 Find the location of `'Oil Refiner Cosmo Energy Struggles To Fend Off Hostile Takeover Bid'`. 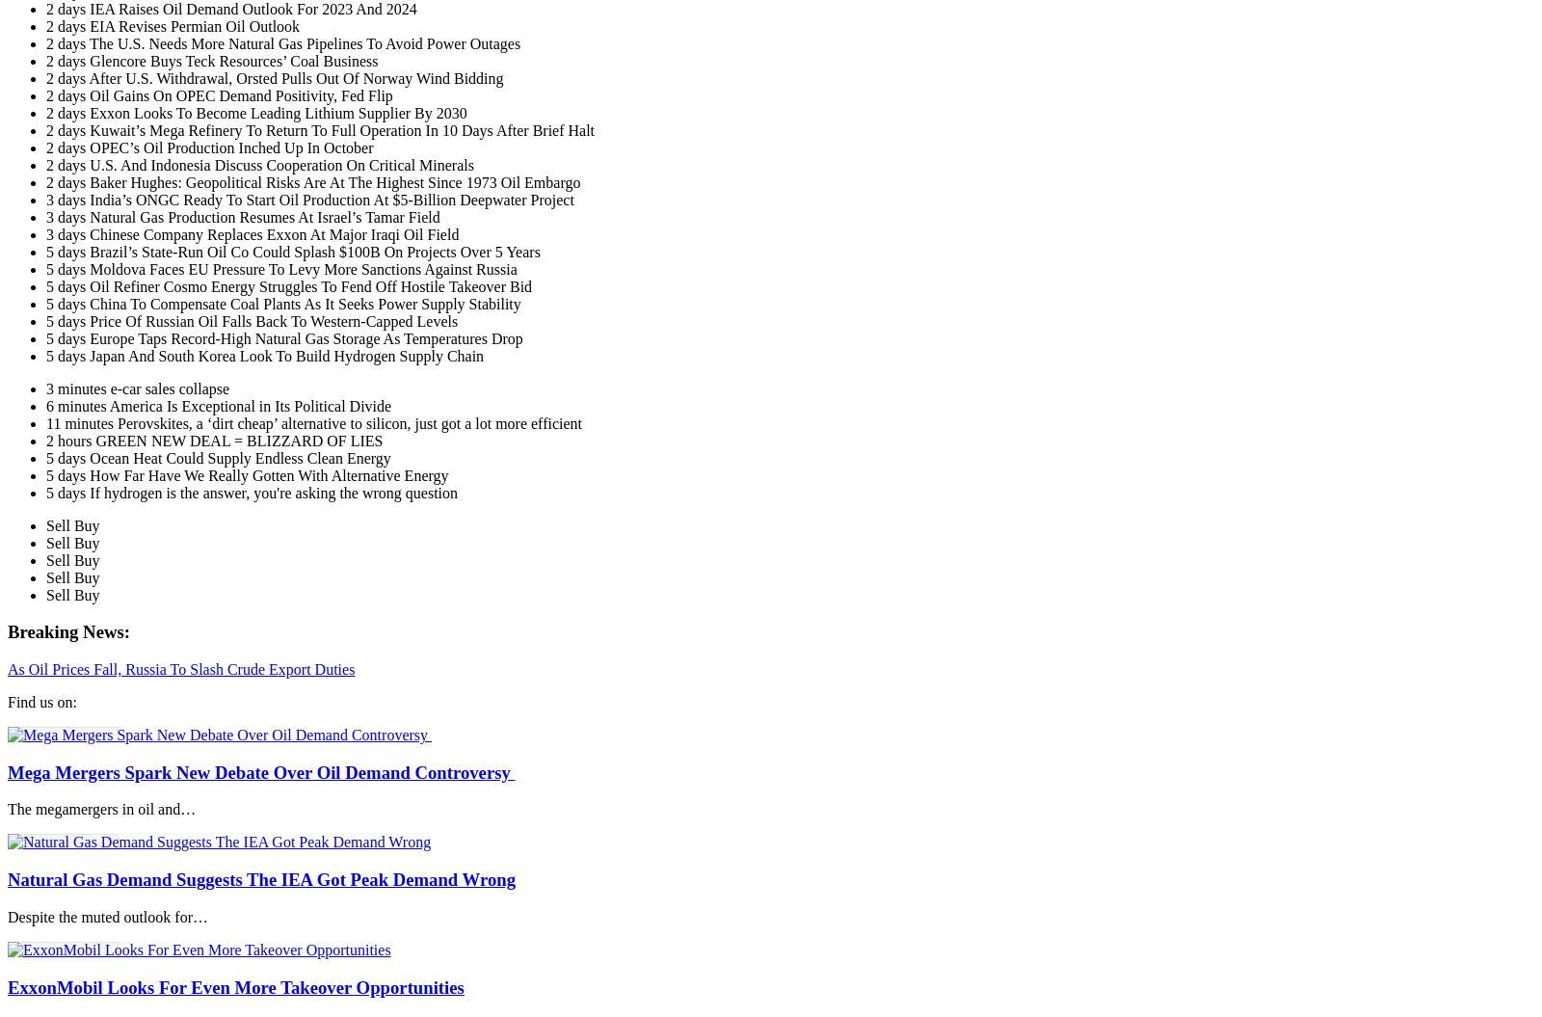

'Oil Refiner Cosmo Energy Struggles To Fend Off Hostile Takeover Bid' is located at coordinates (310, 284).